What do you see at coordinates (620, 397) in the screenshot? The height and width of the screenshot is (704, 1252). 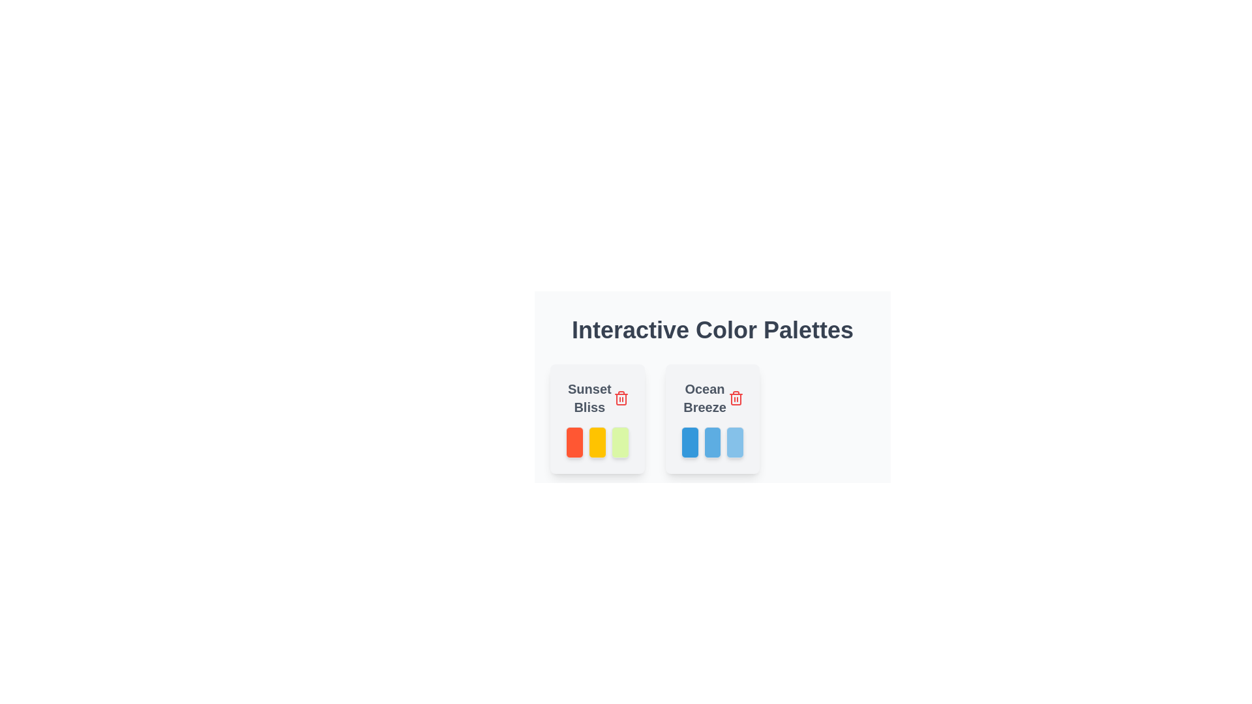 I see `the delete button located at the upper-right corner of the 'Sunset Bliss' color palette card` at bounding box center [620, 397].